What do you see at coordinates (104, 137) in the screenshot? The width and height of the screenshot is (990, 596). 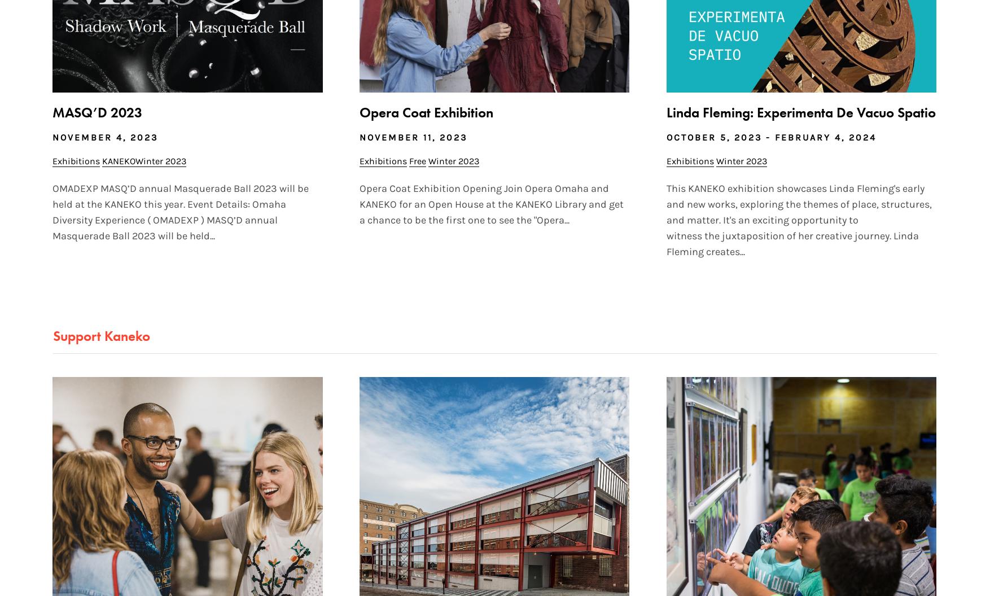 I see `'November 4, 2023'` at bounding box center [104, 137].